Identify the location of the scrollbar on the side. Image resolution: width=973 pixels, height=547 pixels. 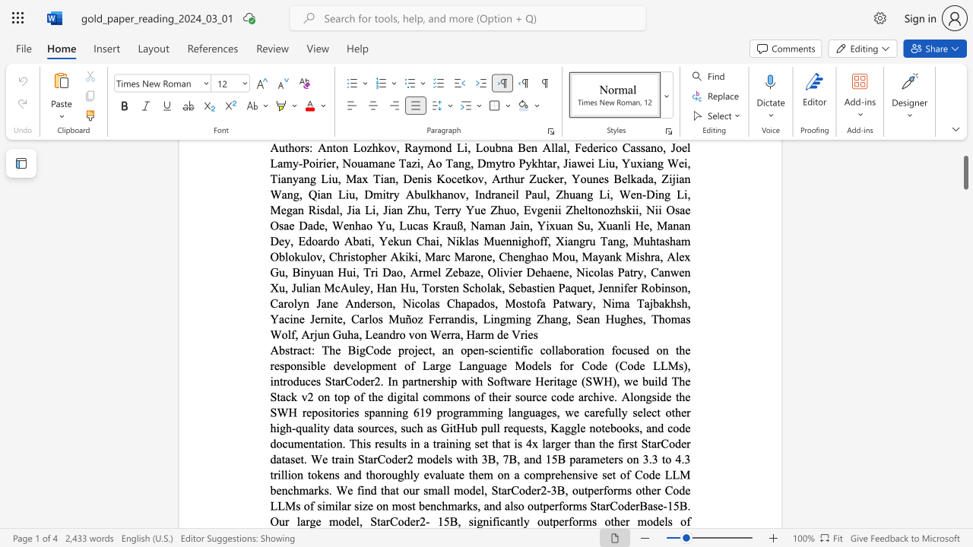
(965, 220).